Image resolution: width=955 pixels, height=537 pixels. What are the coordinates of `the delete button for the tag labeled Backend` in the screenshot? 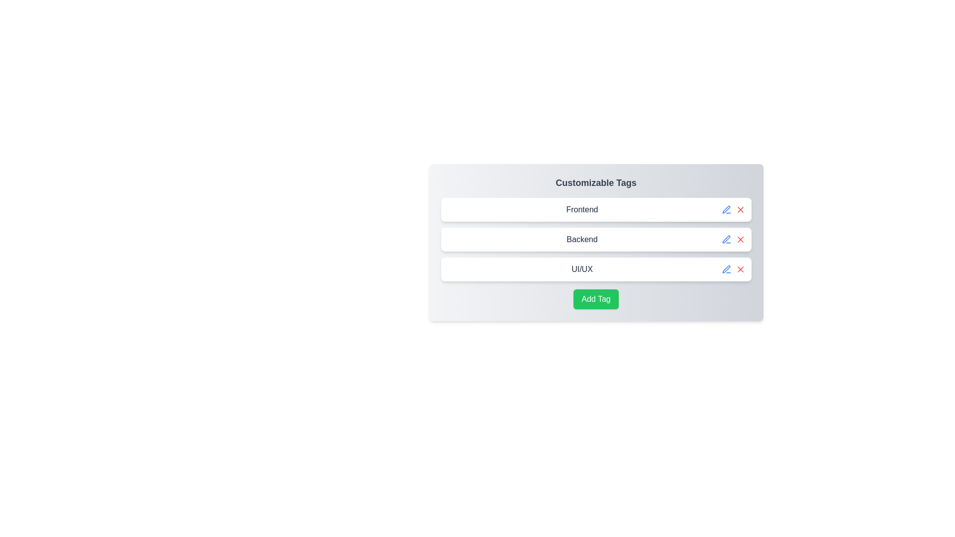 It's located at (740, 240).